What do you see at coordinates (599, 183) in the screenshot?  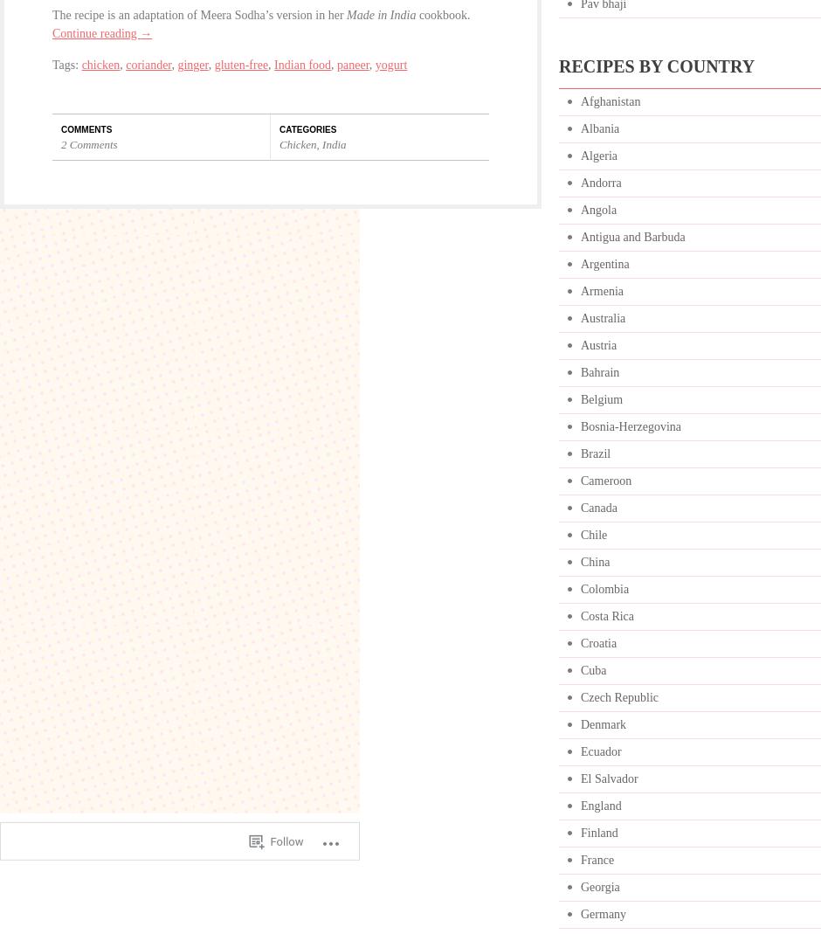 I see `'Andorra'` at bounding box center [599, 183].